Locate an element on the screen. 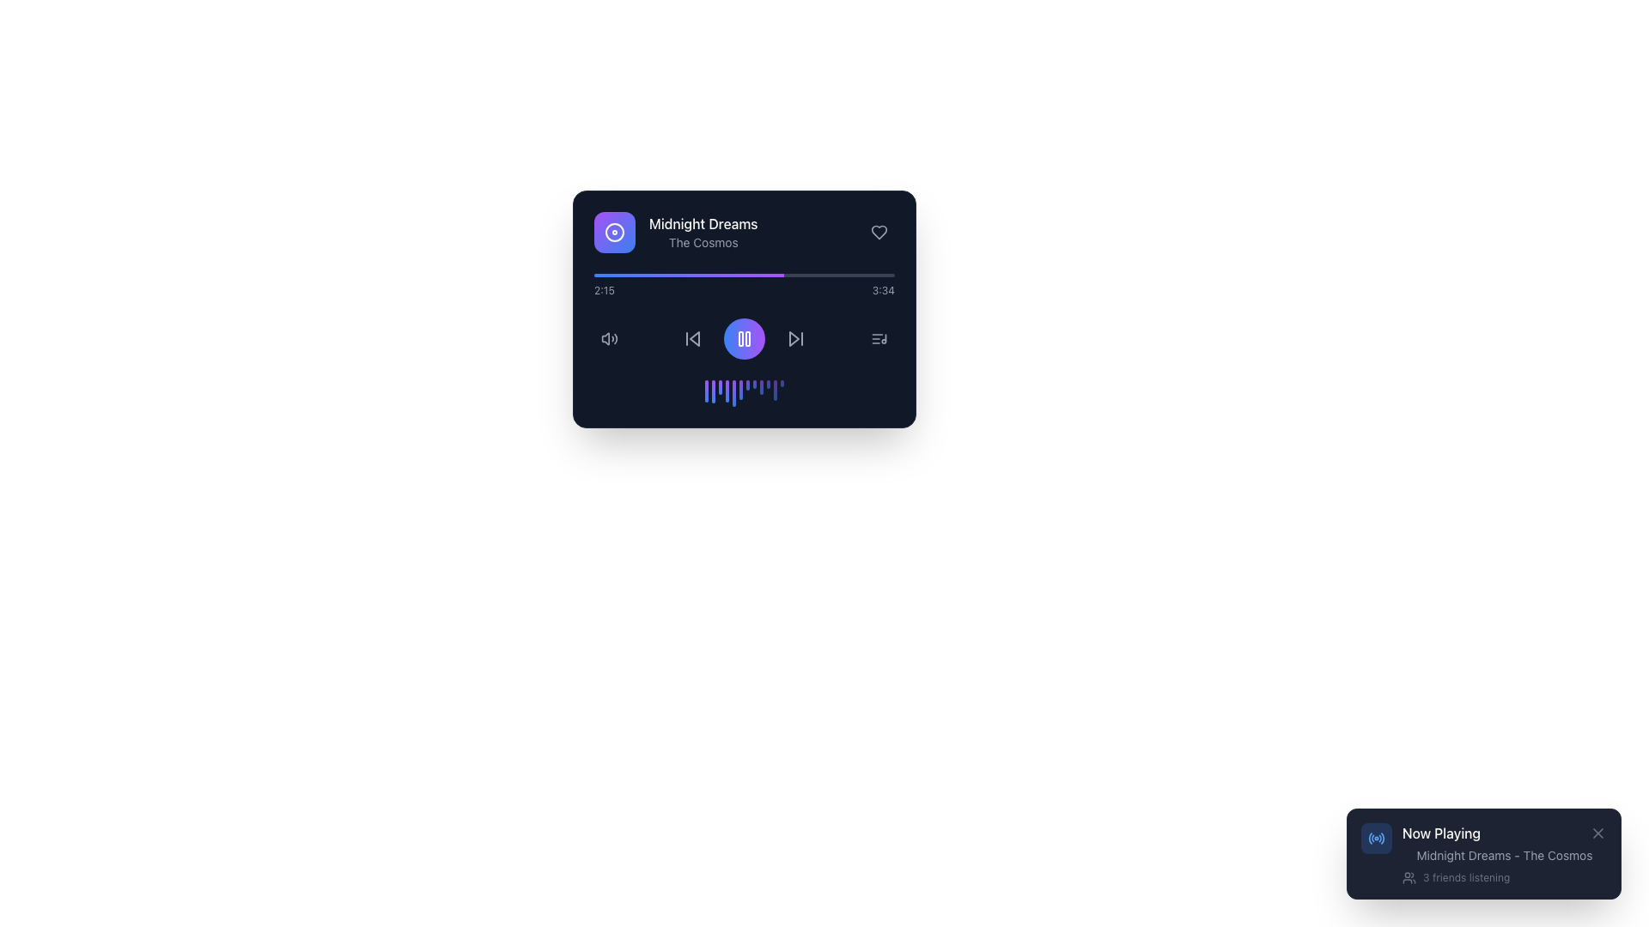 Image resolution: width=1649 pixels, height=927 pixels. the speaker icon that resembles a minimalistic design emitting sound waves is located at coordinates (610, 338).